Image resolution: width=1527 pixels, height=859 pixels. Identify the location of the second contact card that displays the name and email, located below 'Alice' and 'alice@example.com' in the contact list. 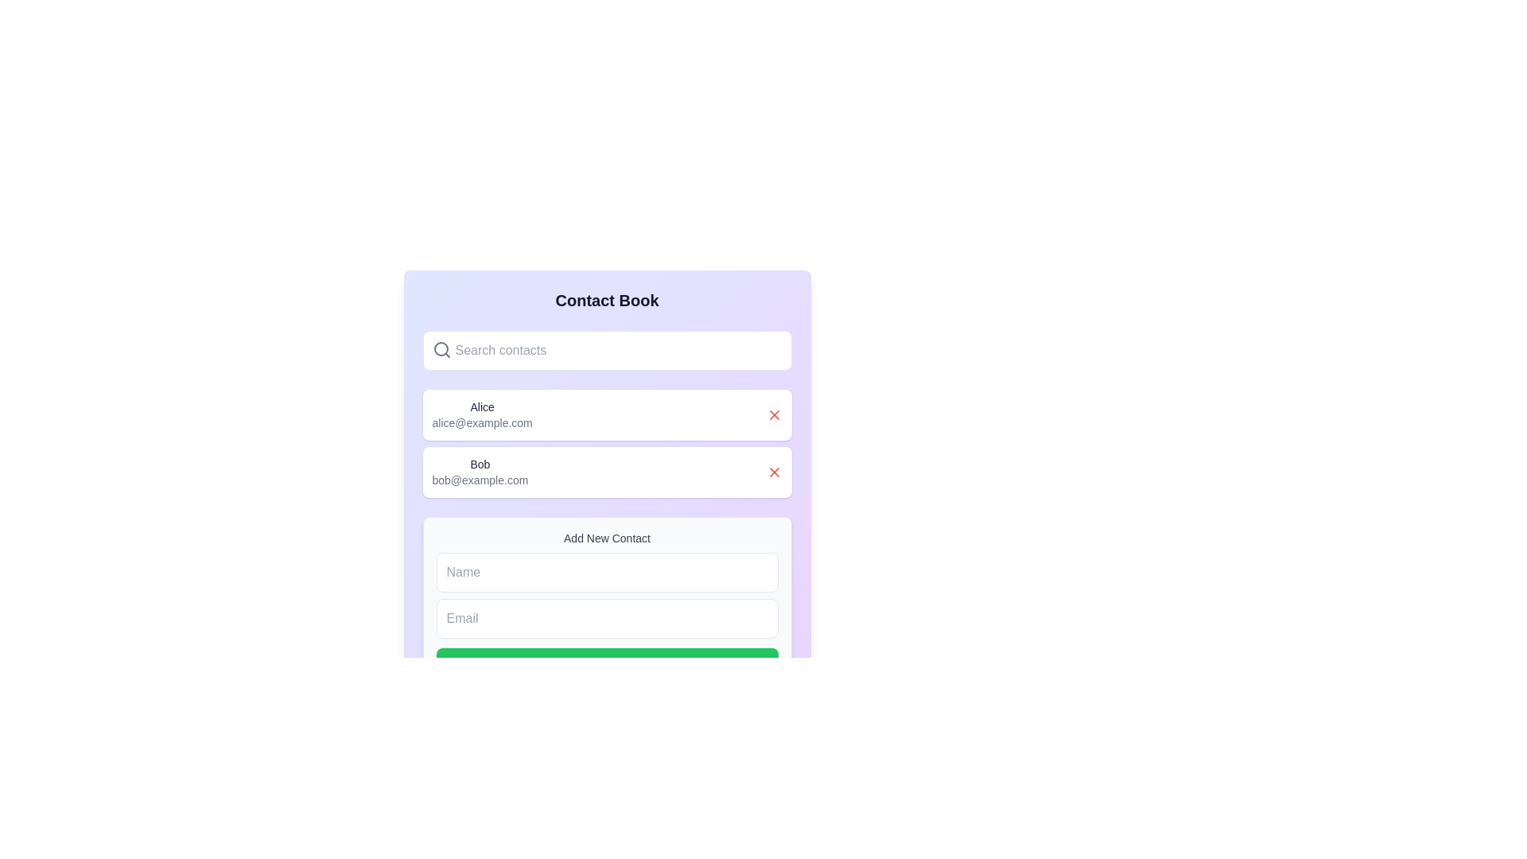
(606, 472).